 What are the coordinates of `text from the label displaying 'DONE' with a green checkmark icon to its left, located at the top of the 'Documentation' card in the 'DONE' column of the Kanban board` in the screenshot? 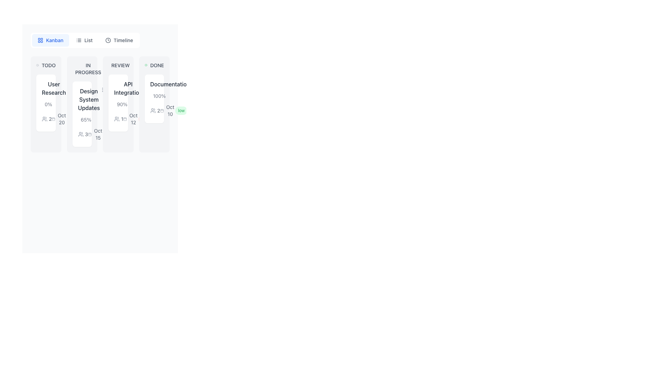 It's located at (154, 65).